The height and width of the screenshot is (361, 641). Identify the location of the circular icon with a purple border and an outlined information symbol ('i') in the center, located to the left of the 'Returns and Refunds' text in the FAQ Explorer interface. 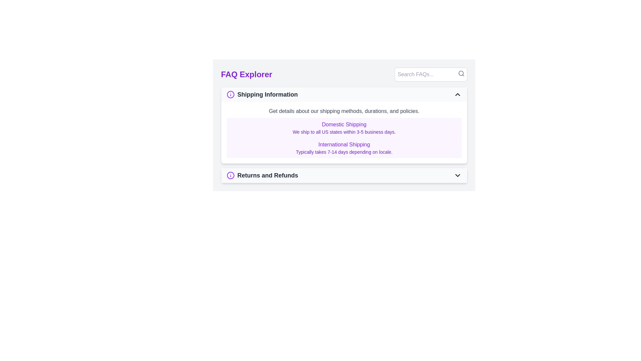
(231, 175).